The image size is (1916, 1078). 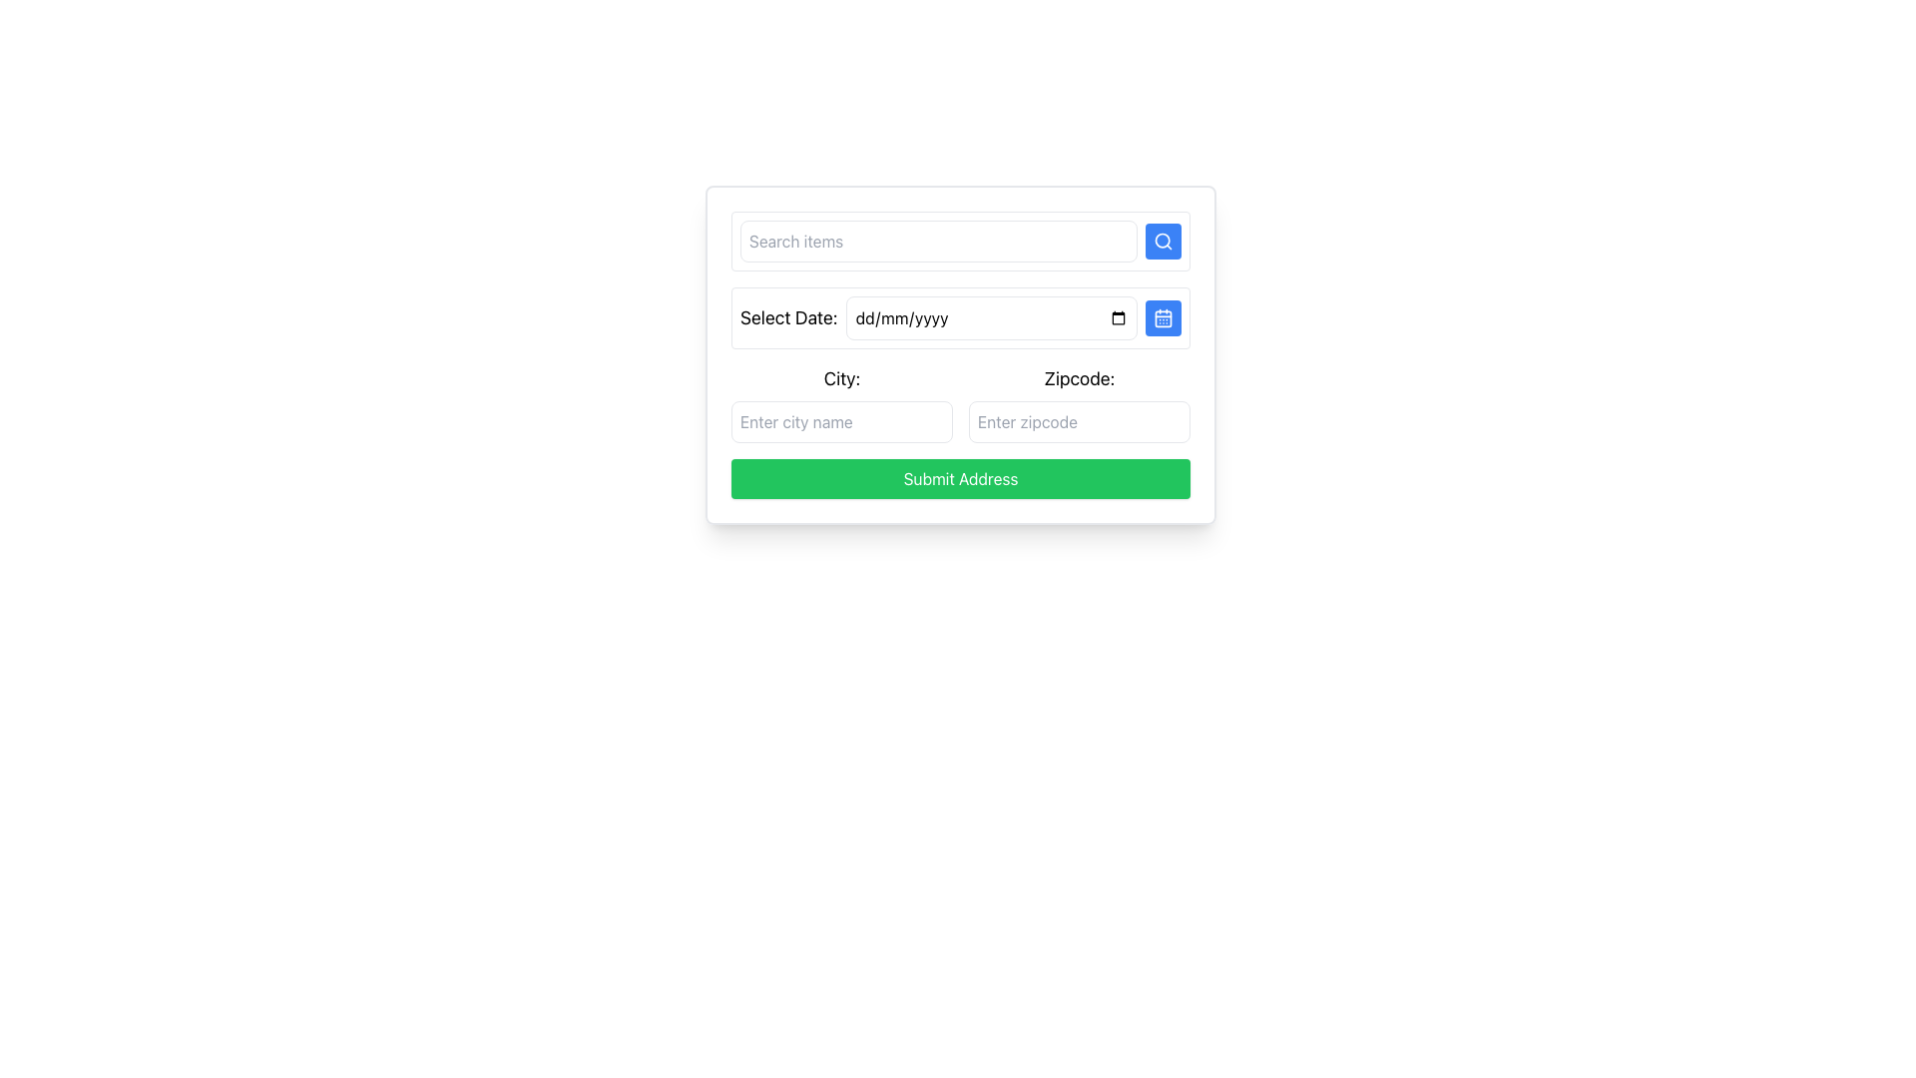 I want to click on the interactive date selection icon located to the right of the 'Select Date' input field at the top center of the interface, so click(x=1164, y=317).